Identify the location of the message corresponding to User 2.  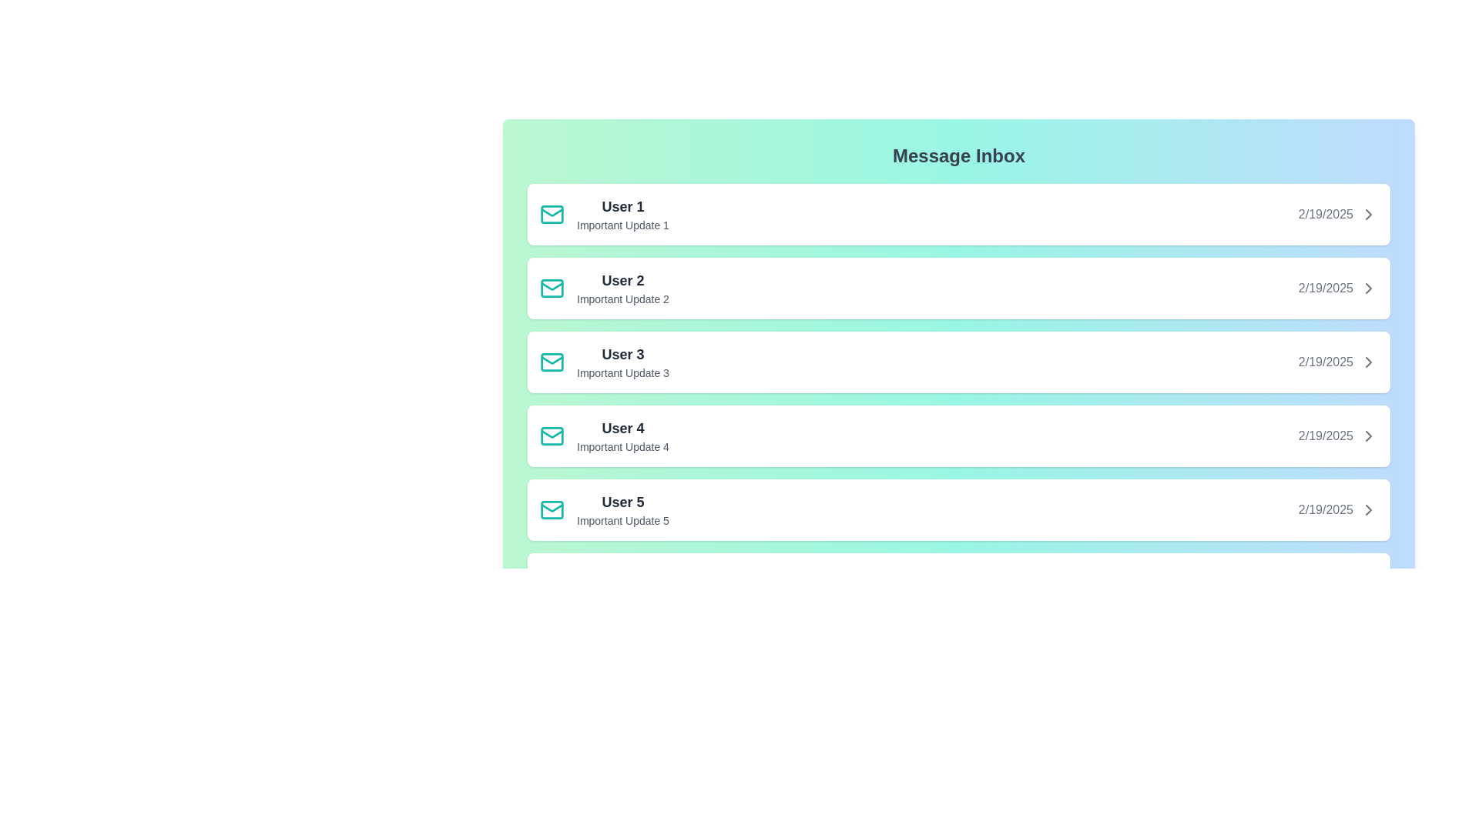
(957, 288).